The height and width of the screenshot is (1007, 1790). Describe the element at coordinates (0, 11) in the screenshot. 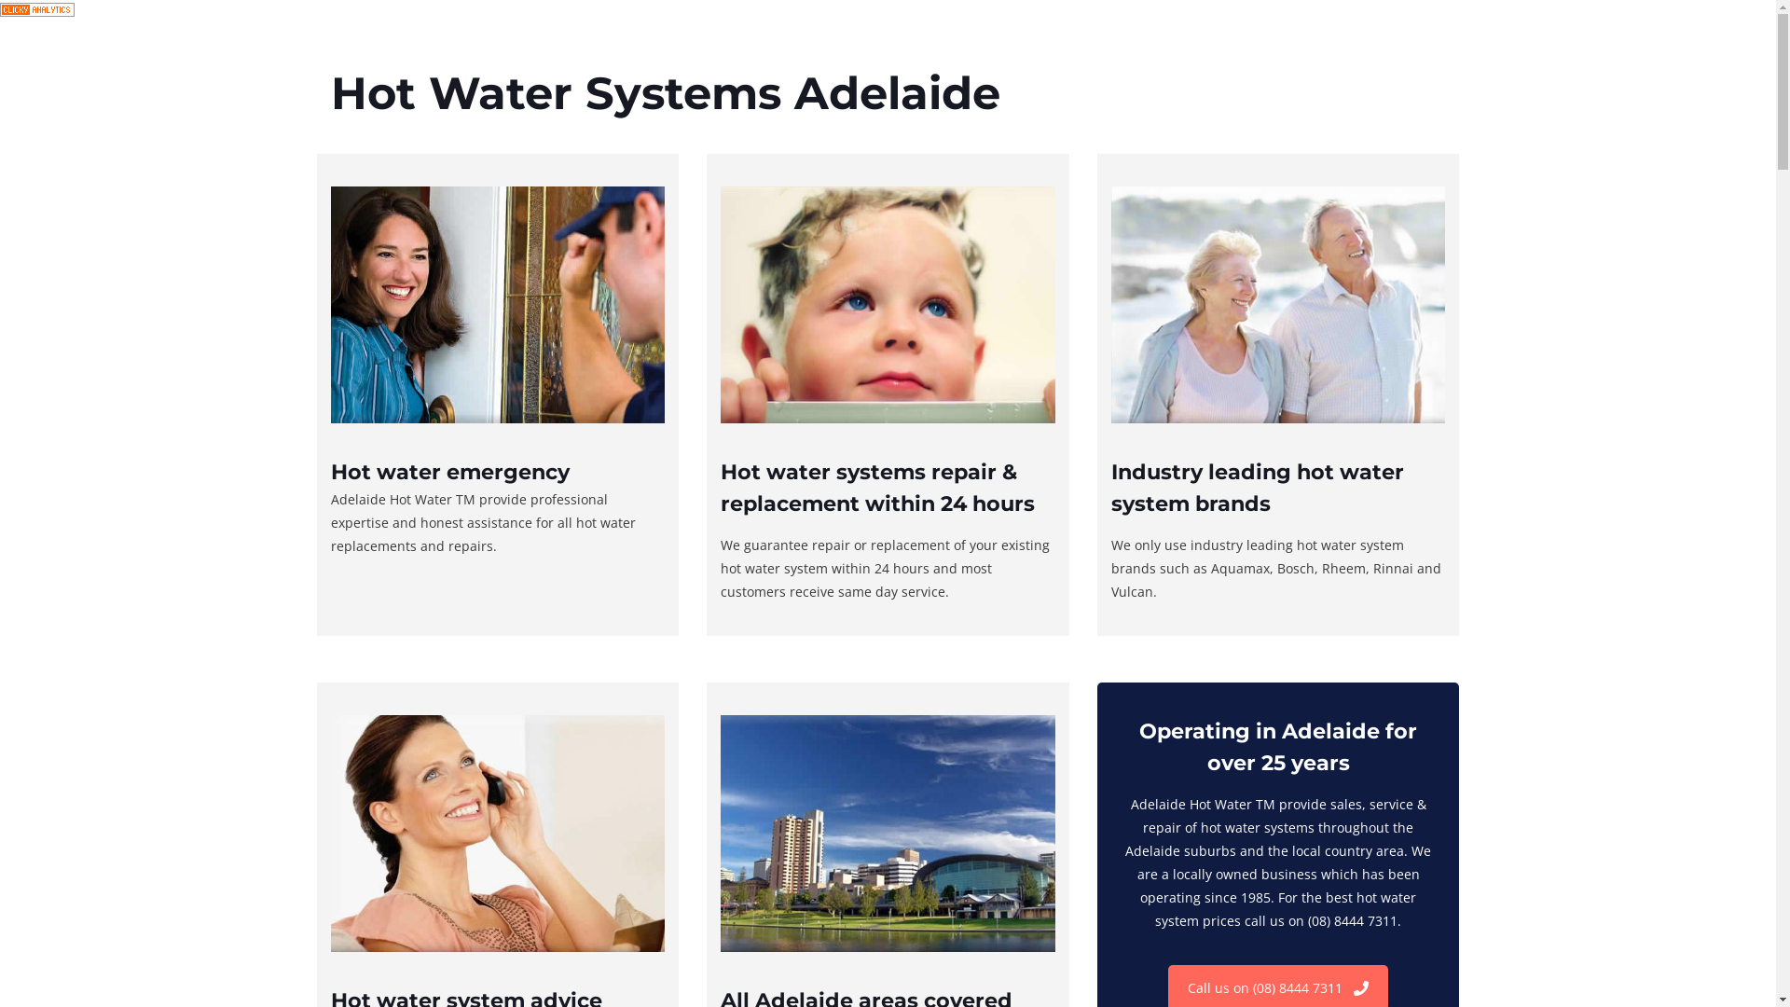

I see `'Google Analytics Alternative'` at that location.